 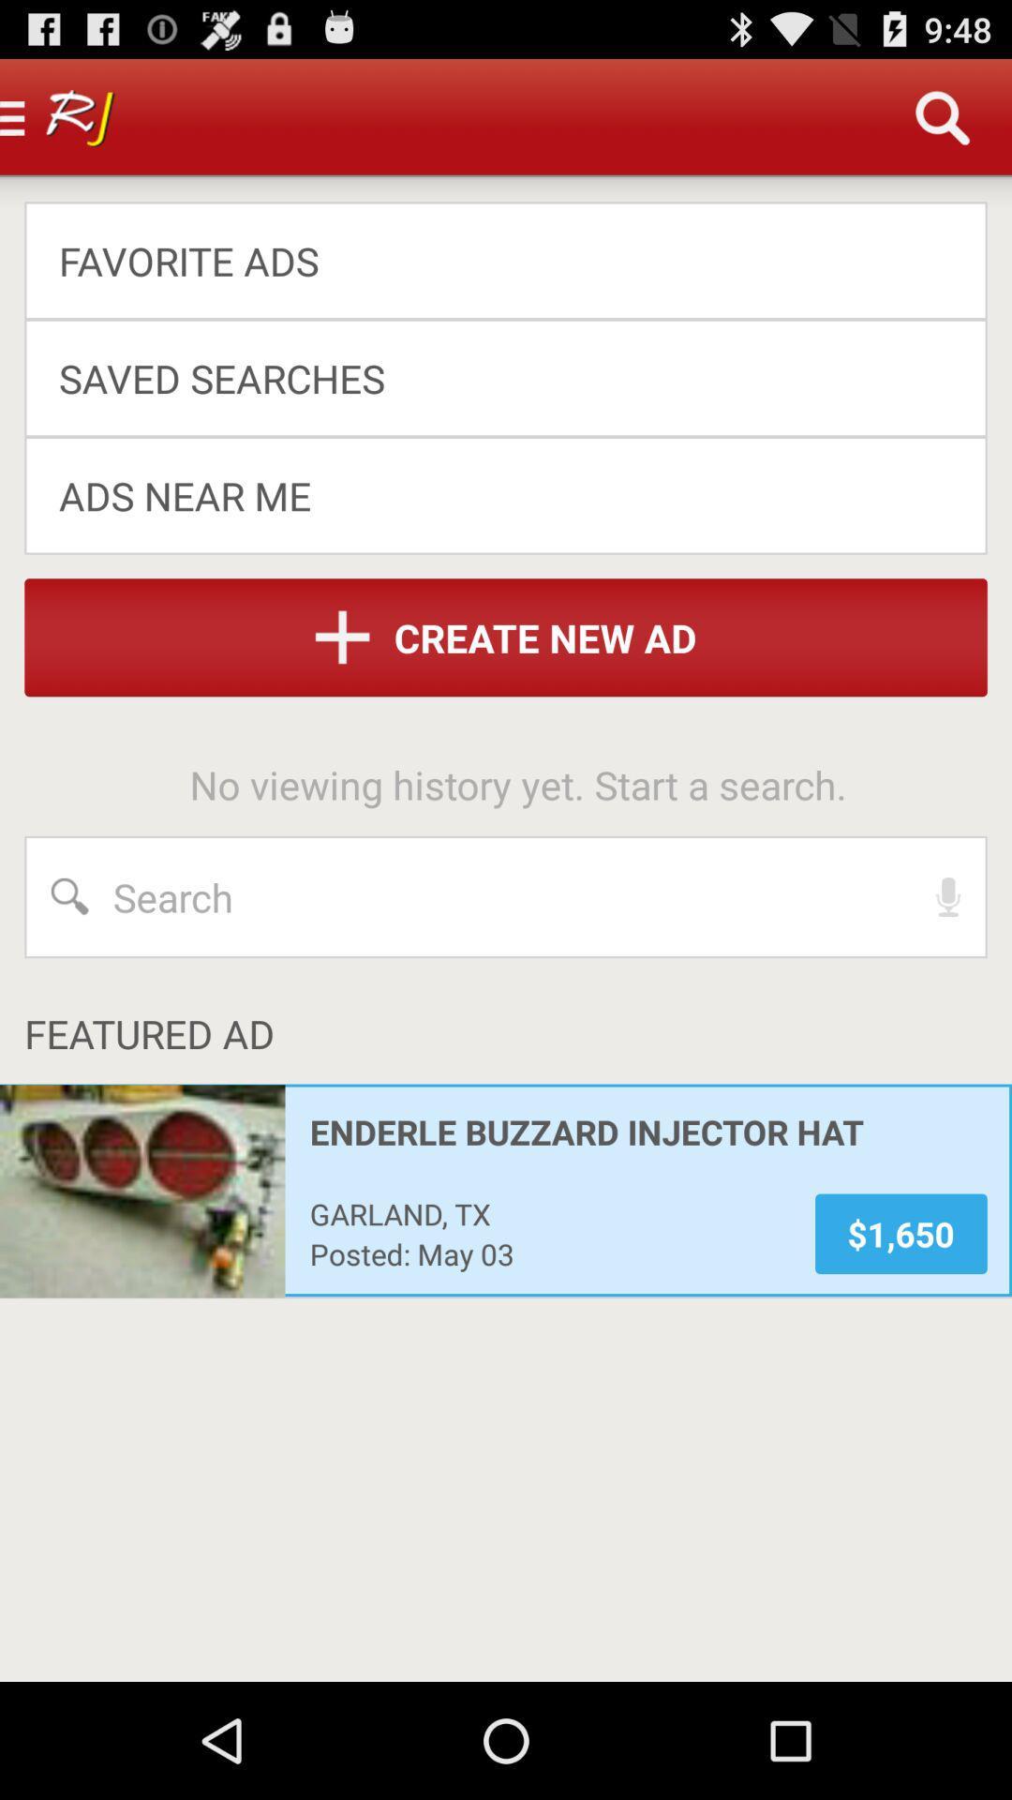 I want to click on the ads near me item, so click(x=492, y=495).